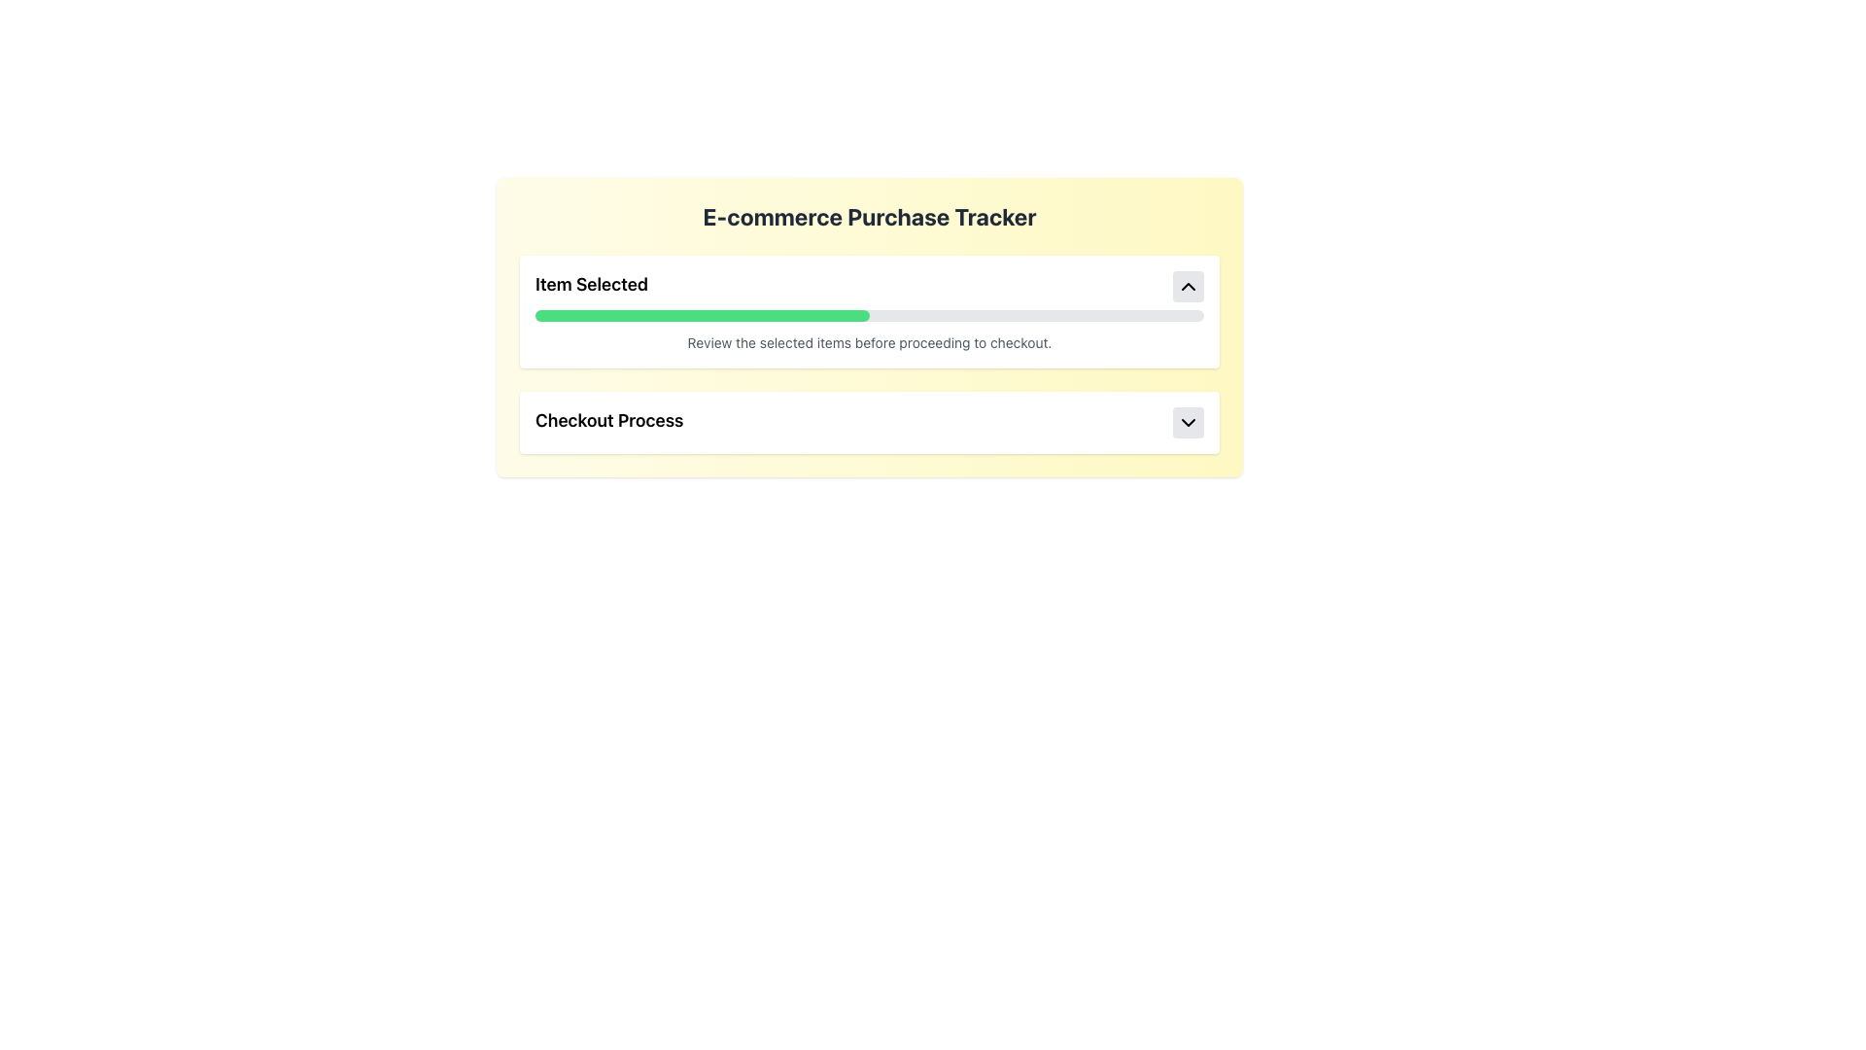  I want to click on the Static Text Label that reads 'Review the selected items before proceeding to checkout.', which is located below the 'Item Selected' progress bar and above the 'Checkout Process' section, so click(868, 342).